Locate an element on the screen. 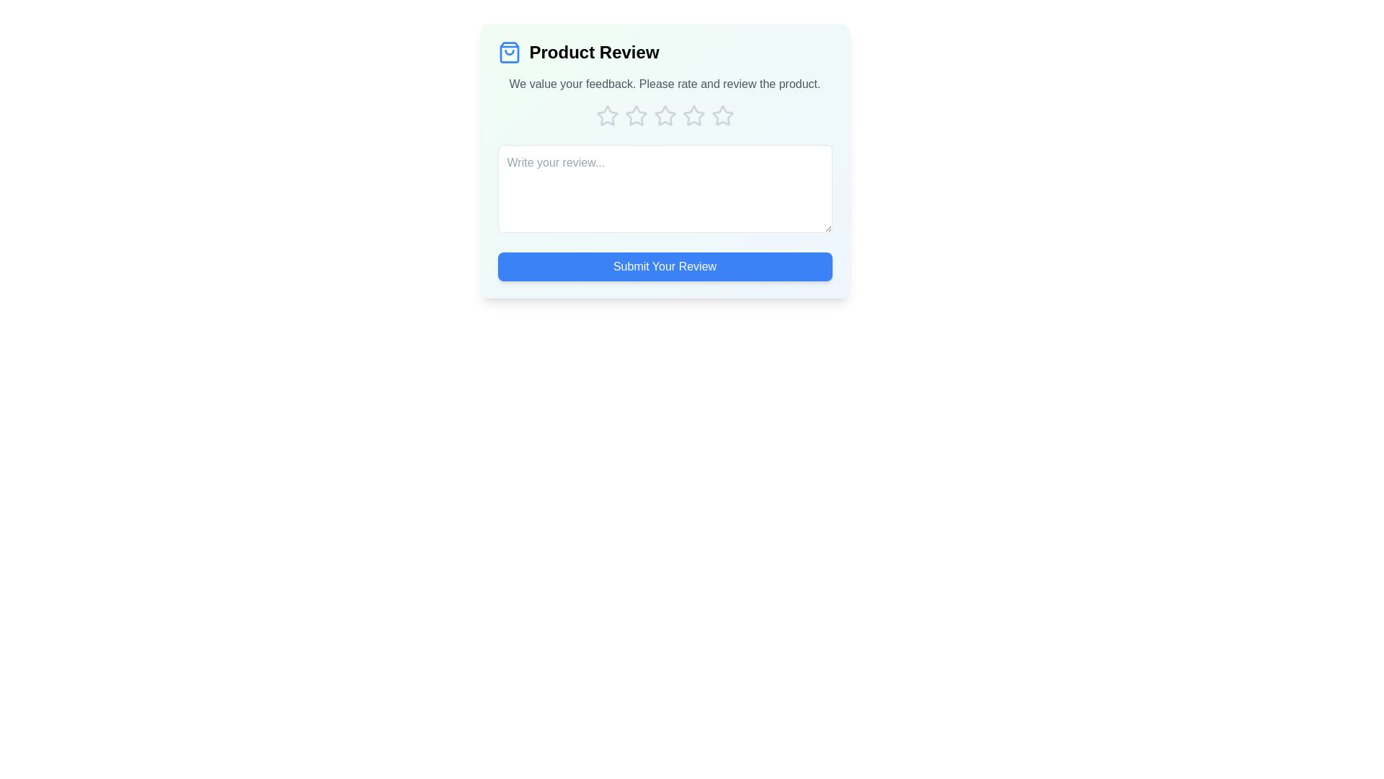  the fourth star-shaped rating icon that is unfilled and grayish, located in a horizontal sequence under the 'Please rate and review the product' text is located at coordinates (693, 115).